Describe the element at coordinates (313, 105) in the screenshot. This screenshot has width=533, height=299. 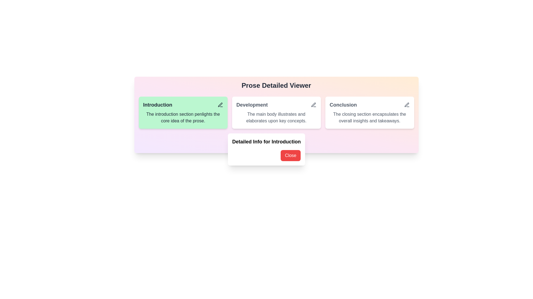
I see `the edit button located to the right of the 'Development' text to initiate editing` at that location.